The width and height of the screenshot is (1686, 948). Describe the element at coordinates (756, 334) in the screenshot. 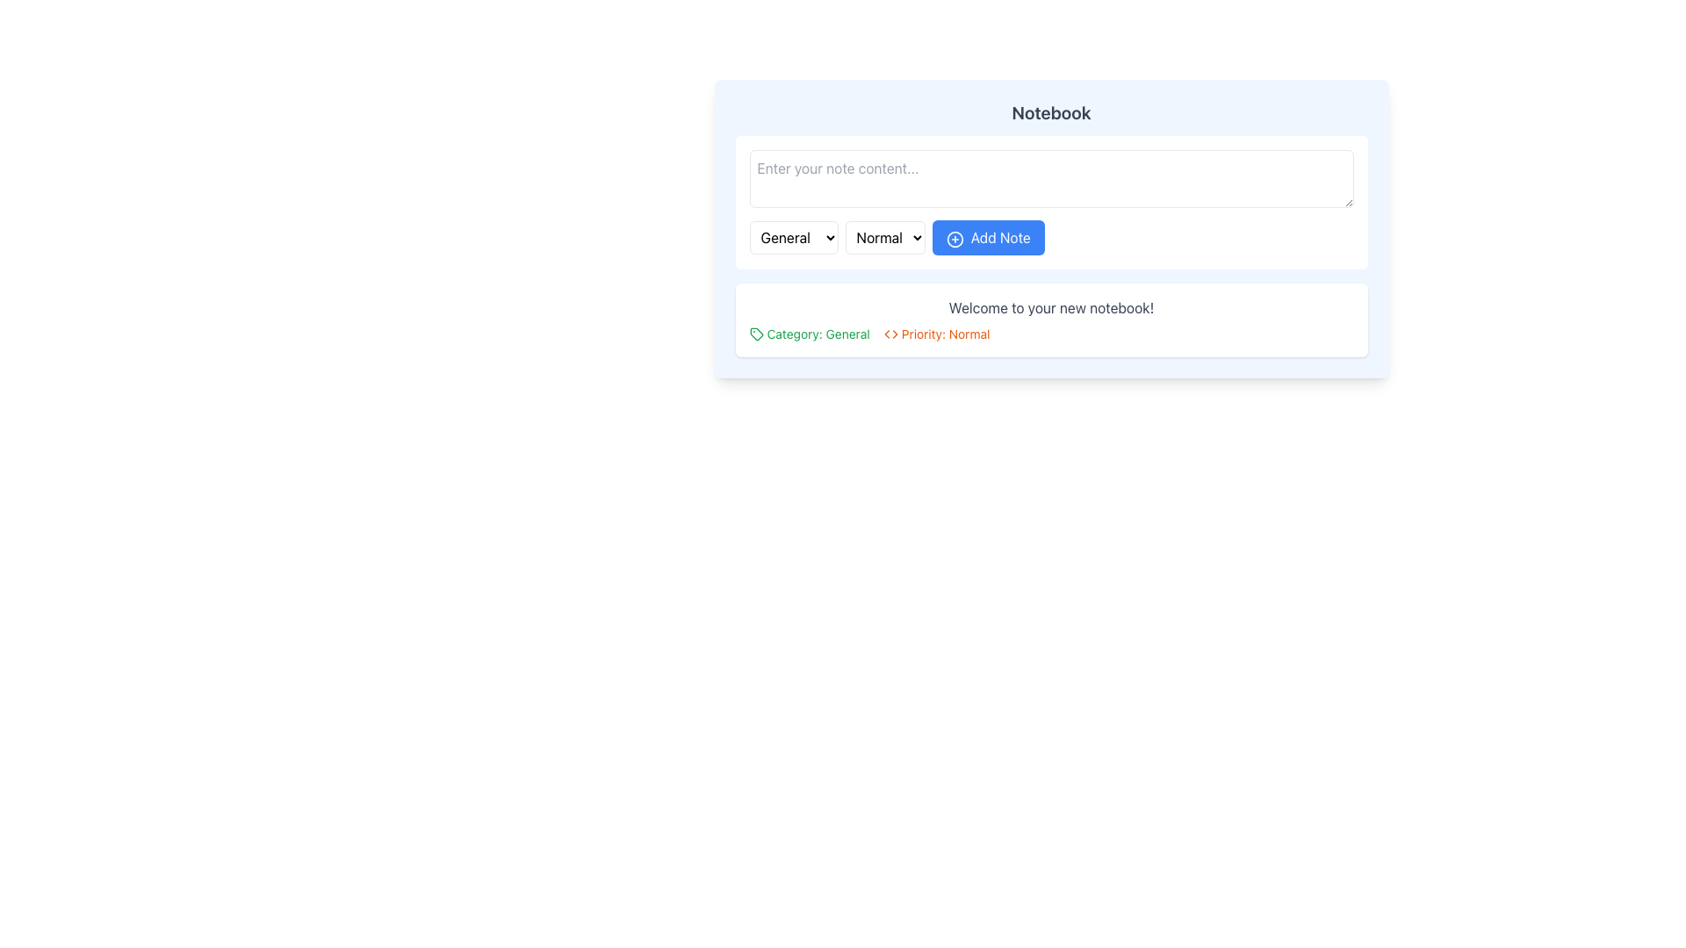

I see `the tag icon outlined with a green stroke positioned before the text 'Category: General'` at that location.